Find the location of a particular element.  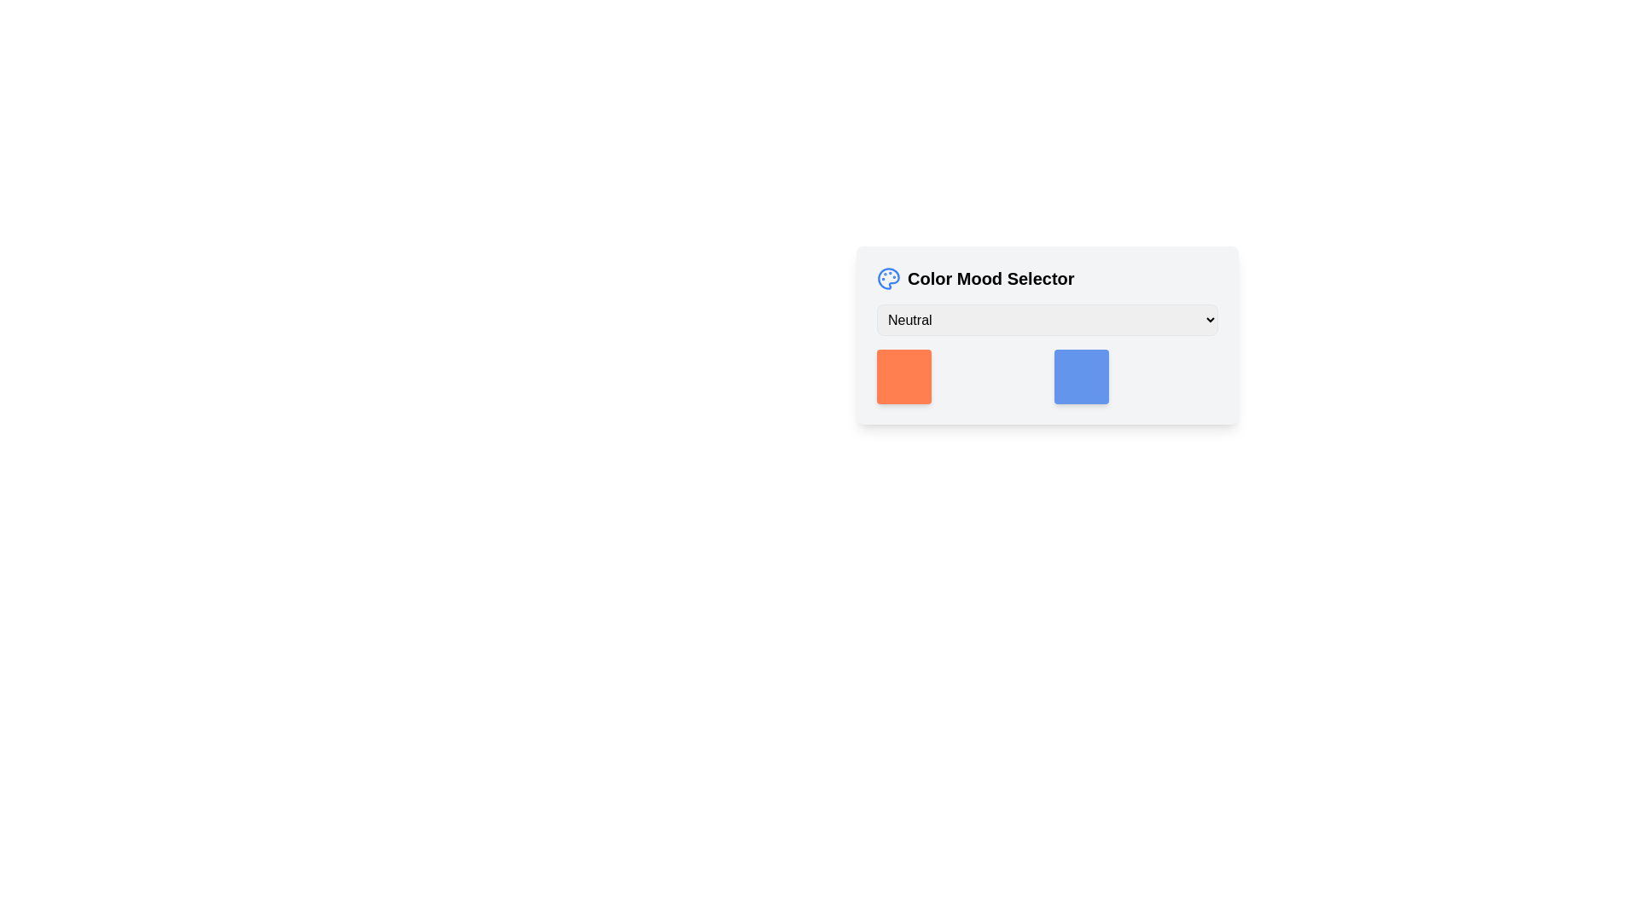

the Color Tile, a cornflower blue square tile with rounded borders located in the Color Mood Selector card, positioned to the right of the orange square tile is located at coordinates (1080, 376).